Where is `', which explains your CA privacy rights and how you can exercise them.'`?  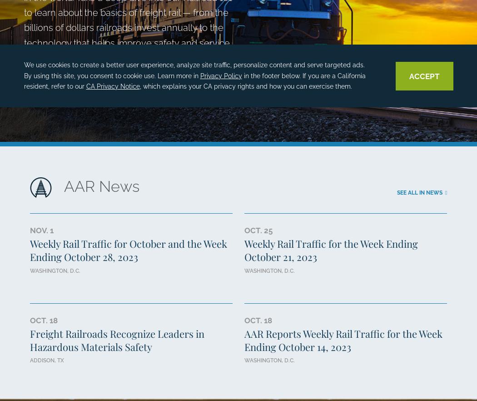
', which explains your CA privacy rights and how you can exercise them.' is located at coordinates (245, 86).